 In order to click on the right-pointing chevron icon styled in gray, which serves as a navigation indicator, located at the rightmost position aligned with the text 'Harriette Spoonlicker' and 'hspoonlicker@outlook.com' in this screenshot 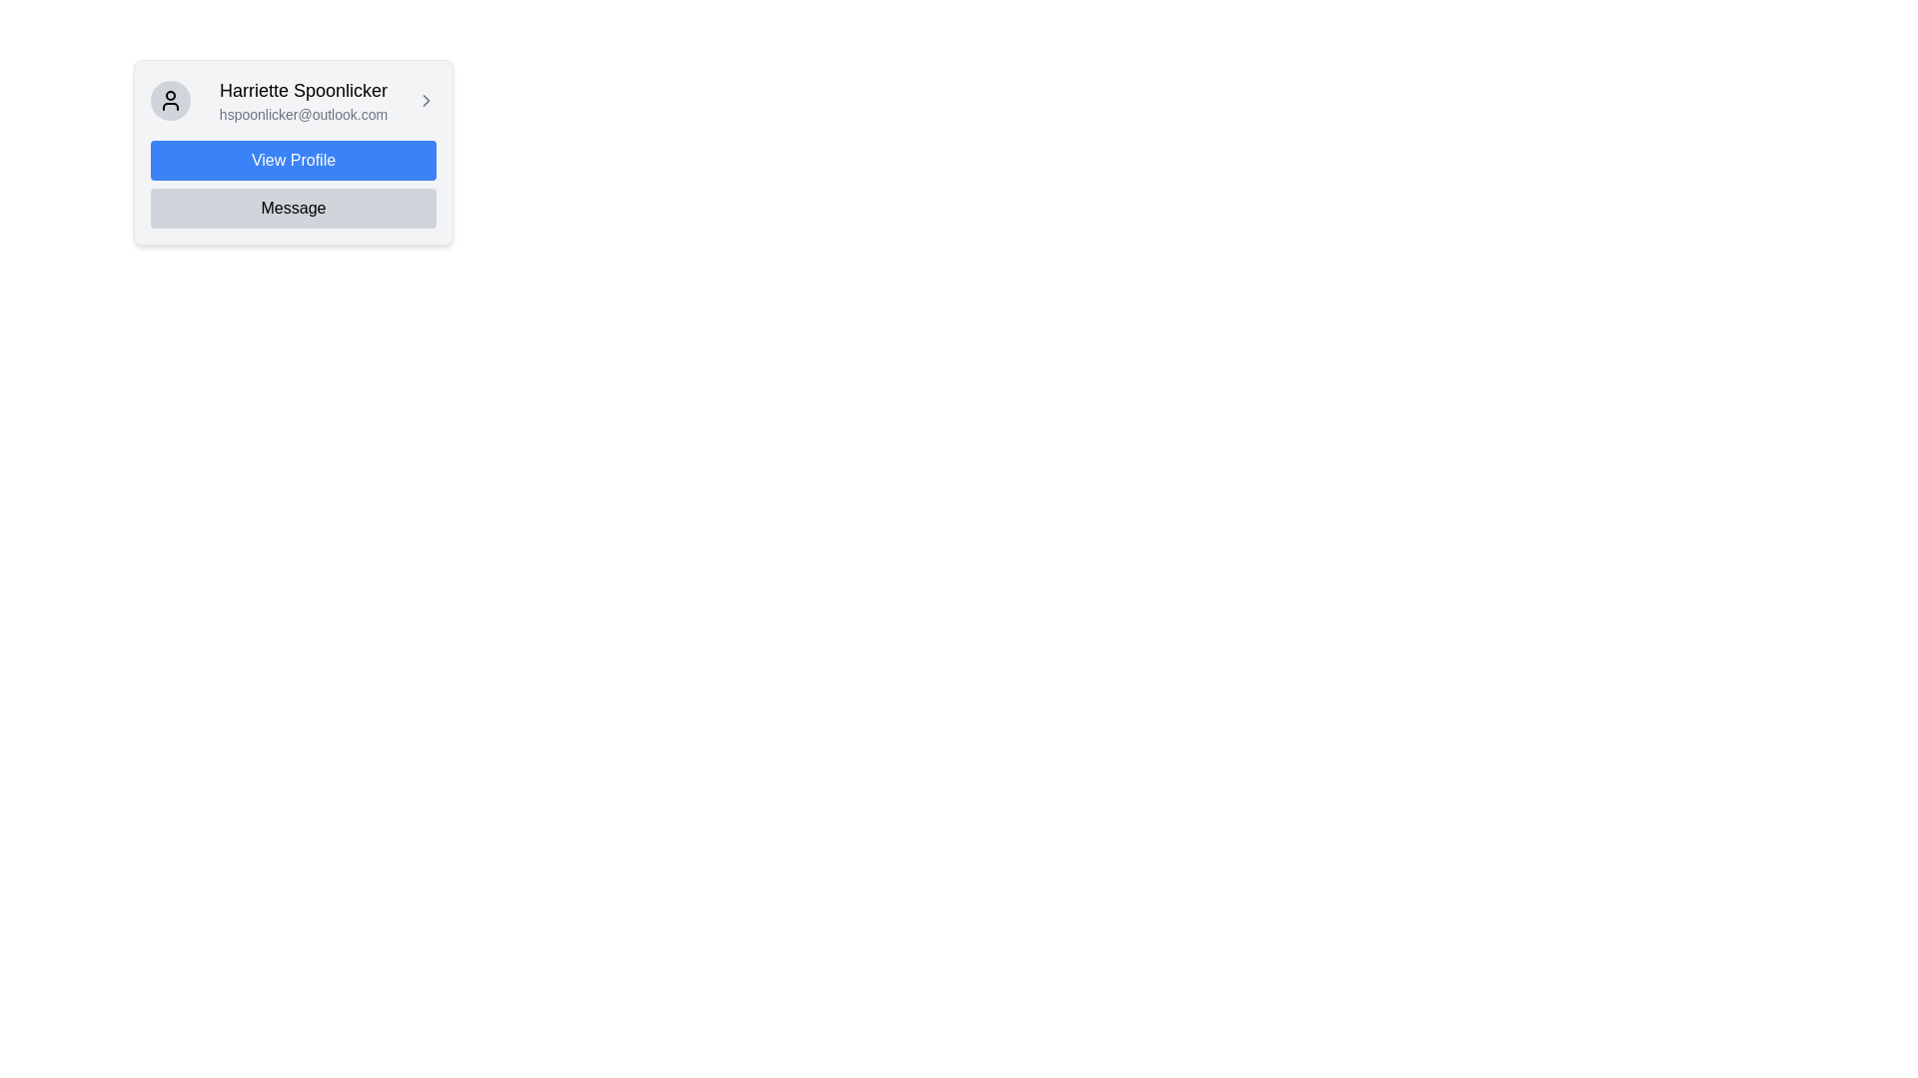, I will do `click(426, 100)`.